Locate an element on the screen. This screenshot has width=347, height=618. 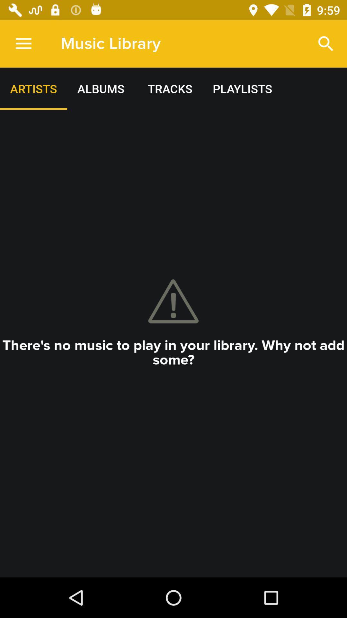
the icon to the left of music library is located at coordinates (23, 43).